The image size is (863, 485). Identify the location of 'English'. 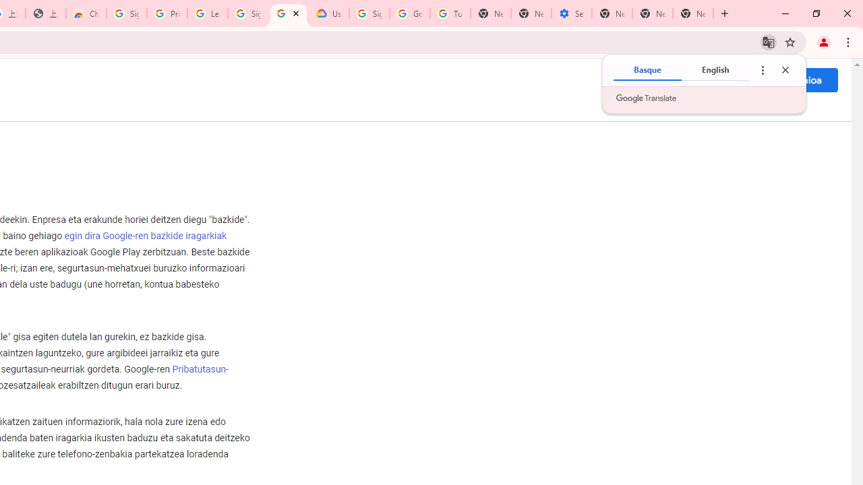
(715, 70).